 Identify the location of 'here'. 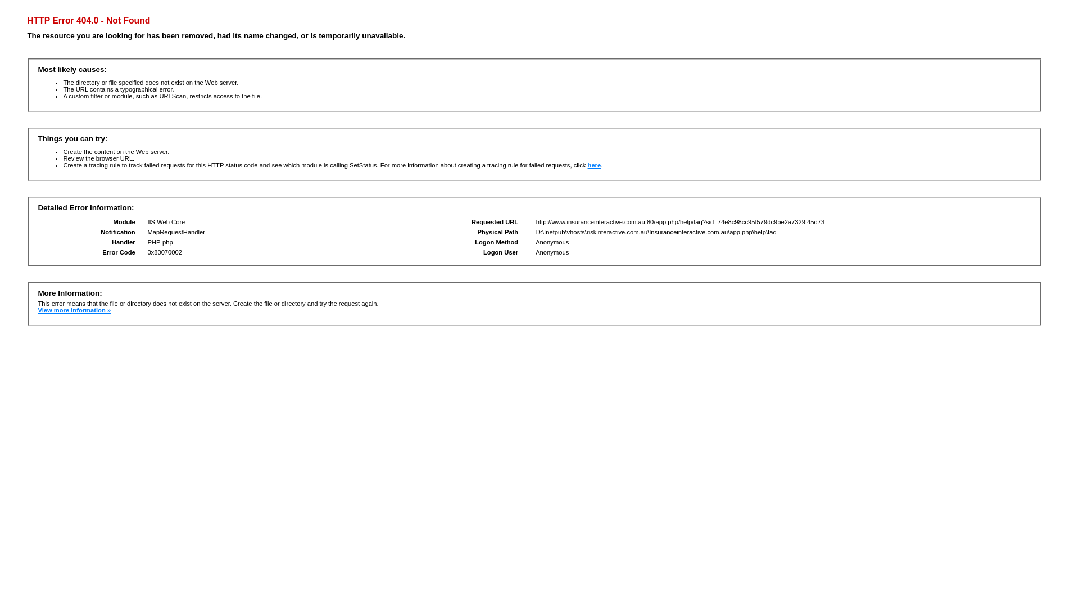
(593, 165).